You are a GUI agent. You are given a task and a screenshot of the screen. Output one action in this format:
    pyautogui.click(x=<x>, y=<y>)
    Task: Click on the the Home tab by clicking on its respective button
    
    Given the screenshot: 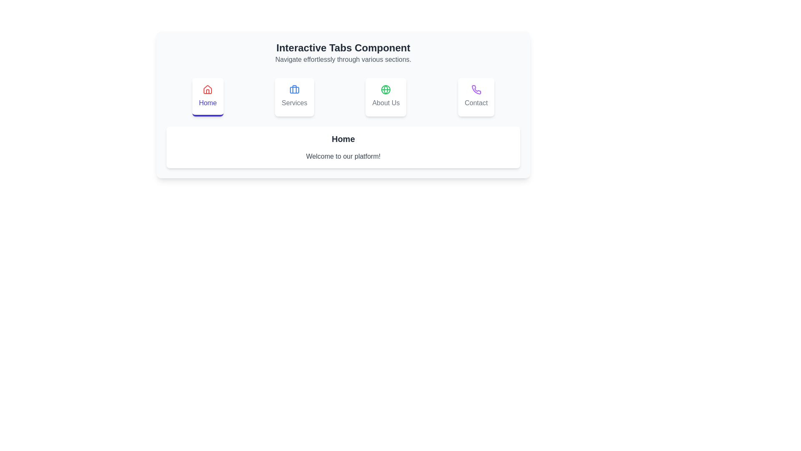 What is the action you would take?
    pyautogui.click(x=208, y=96)
    